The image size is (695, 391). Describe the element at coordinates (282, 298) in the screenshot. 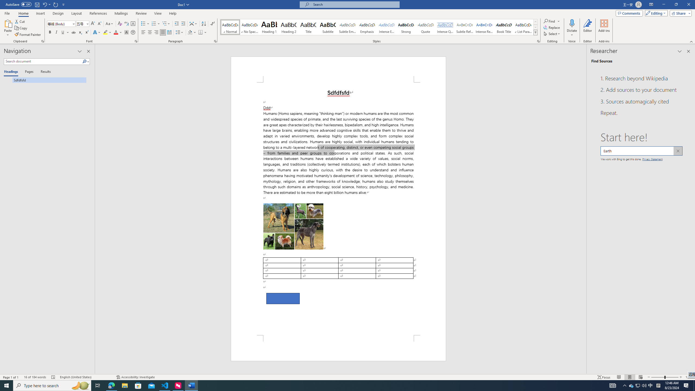

I see `'Rectangle 2'` at that location.